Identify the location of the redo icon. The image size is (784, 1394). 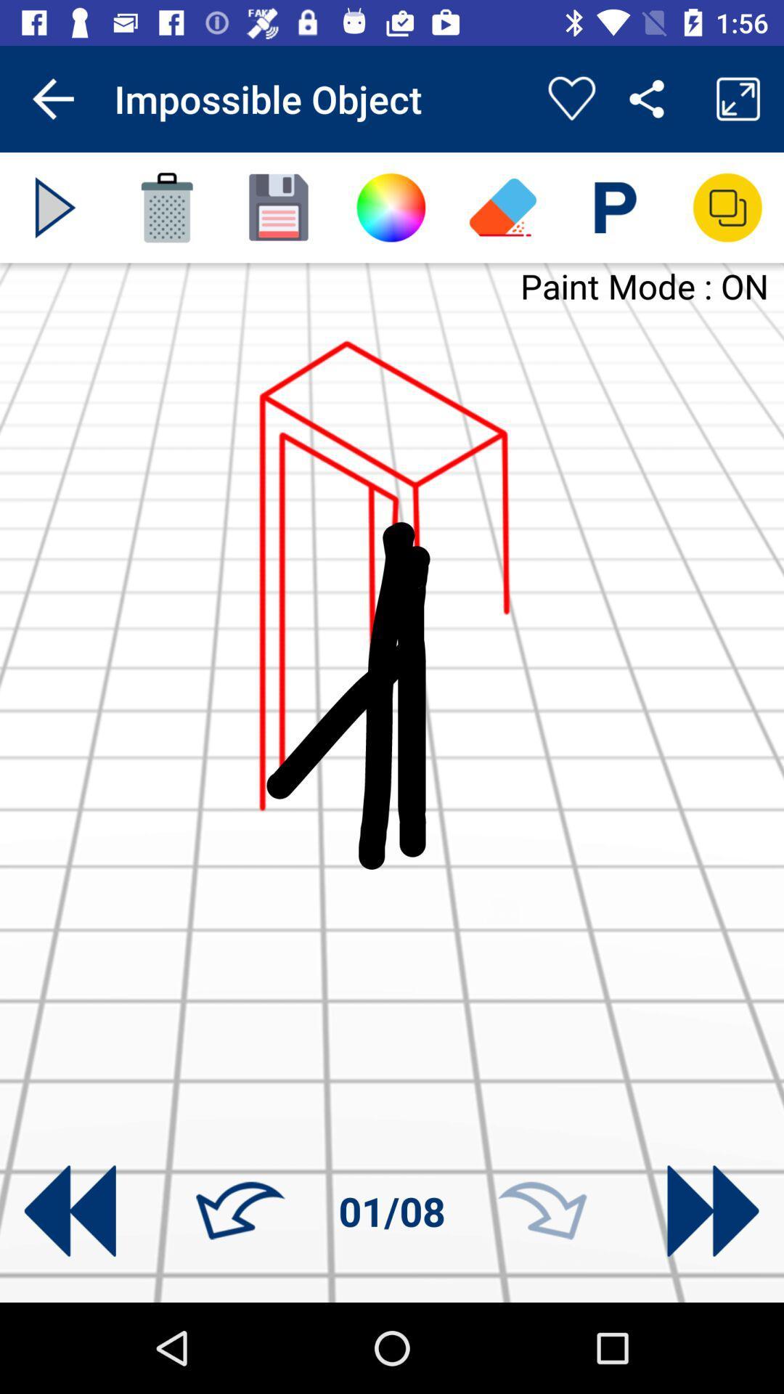
(542, 1211).